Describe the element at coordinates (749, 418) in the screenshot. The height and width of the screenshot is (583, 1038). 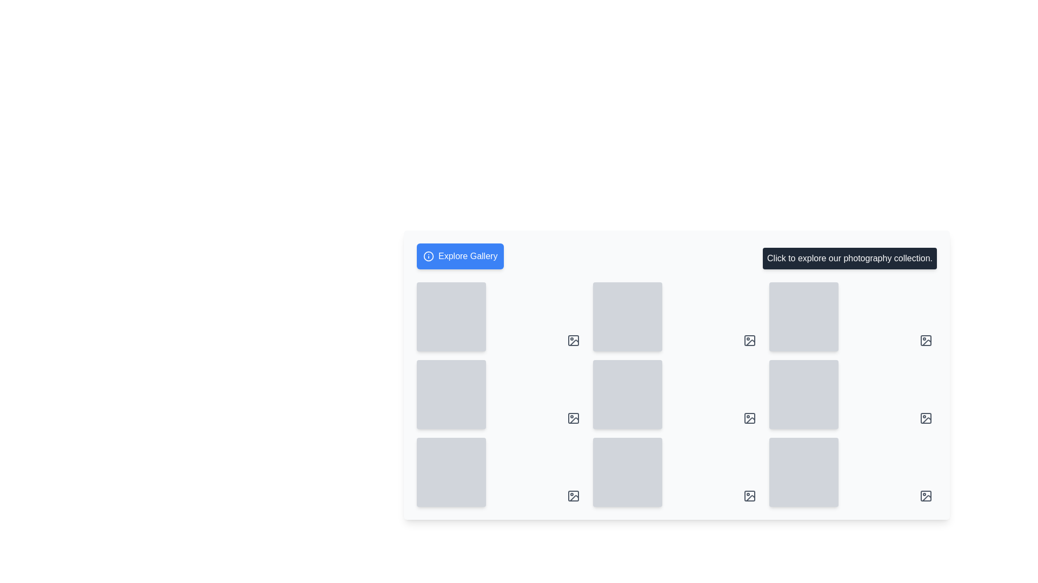
I see `the icon representing a specific type of file, image, or action related to digital content located in the fourth column and third row of the grid layout` at that location.